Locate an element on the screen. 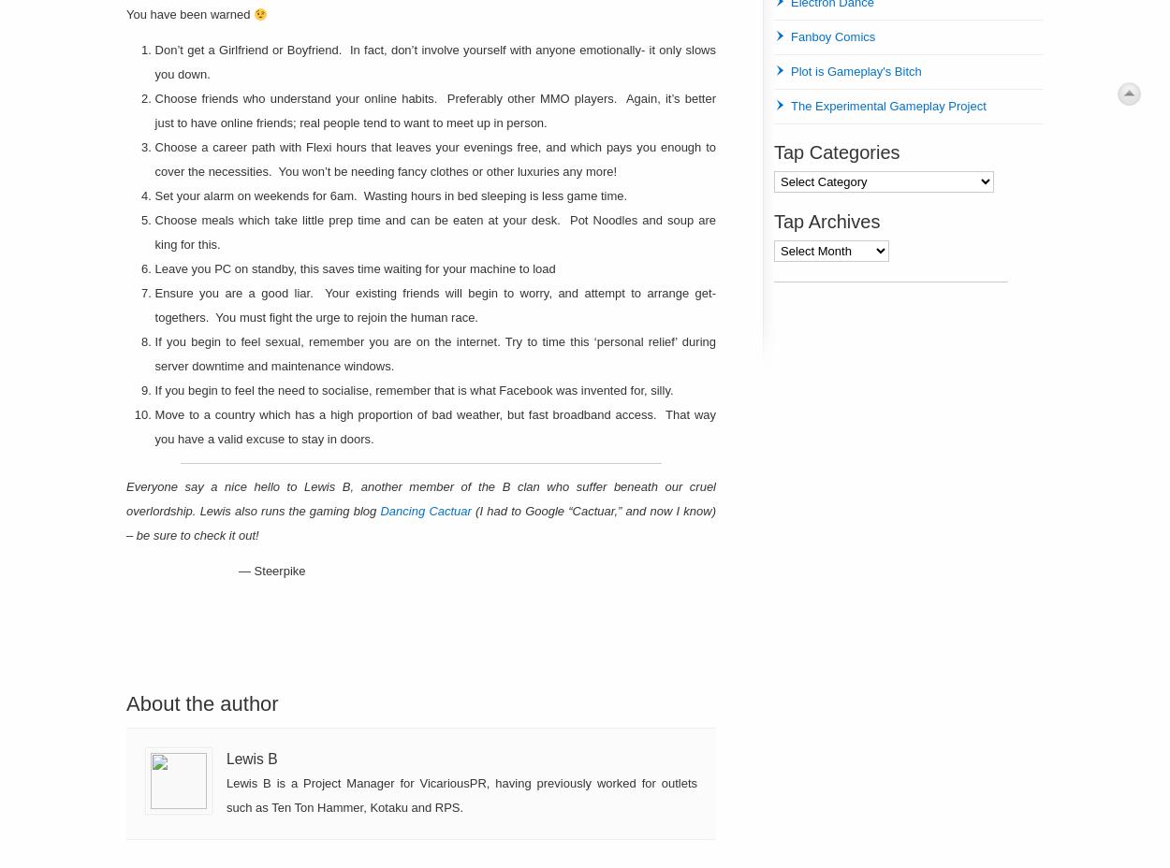  '(I had to Google “Cactuar,” and now I know) – be sure to check it out!' is located at coordinates (420, 522).